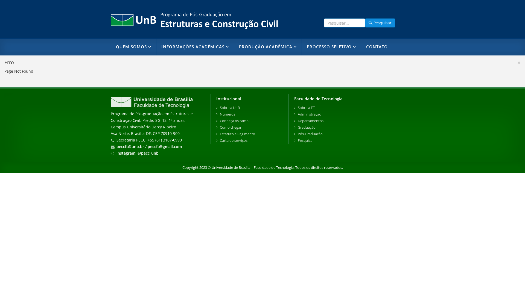 This screenshot has height=295, width=525. Describe the element at coordinates (133, 46) in the screenshot. I see `'QUEM SOMOS'` at that location.